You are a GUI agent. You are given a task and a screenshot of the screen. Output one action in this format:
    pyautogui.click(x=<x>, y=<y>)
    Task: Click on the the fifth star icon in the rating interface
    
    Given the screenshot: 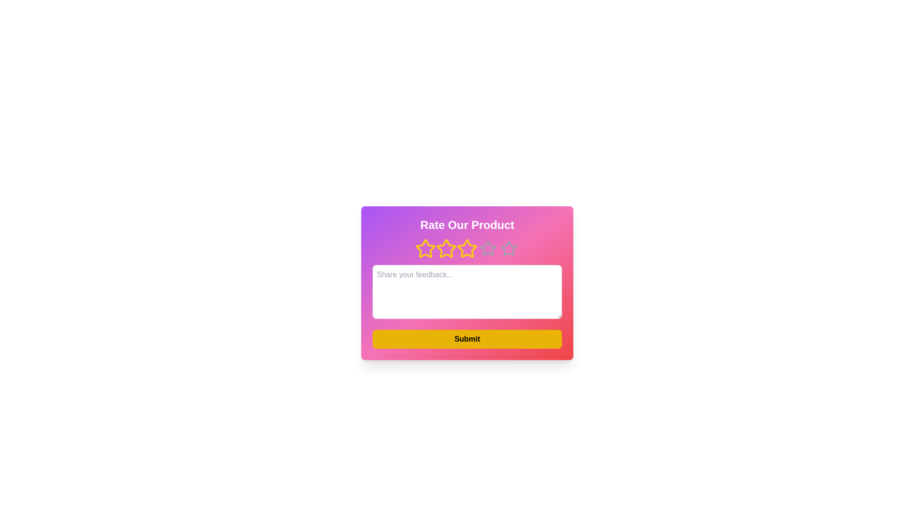 What is the action you would take?
    pyautogui.click(x=508, y=248)
    